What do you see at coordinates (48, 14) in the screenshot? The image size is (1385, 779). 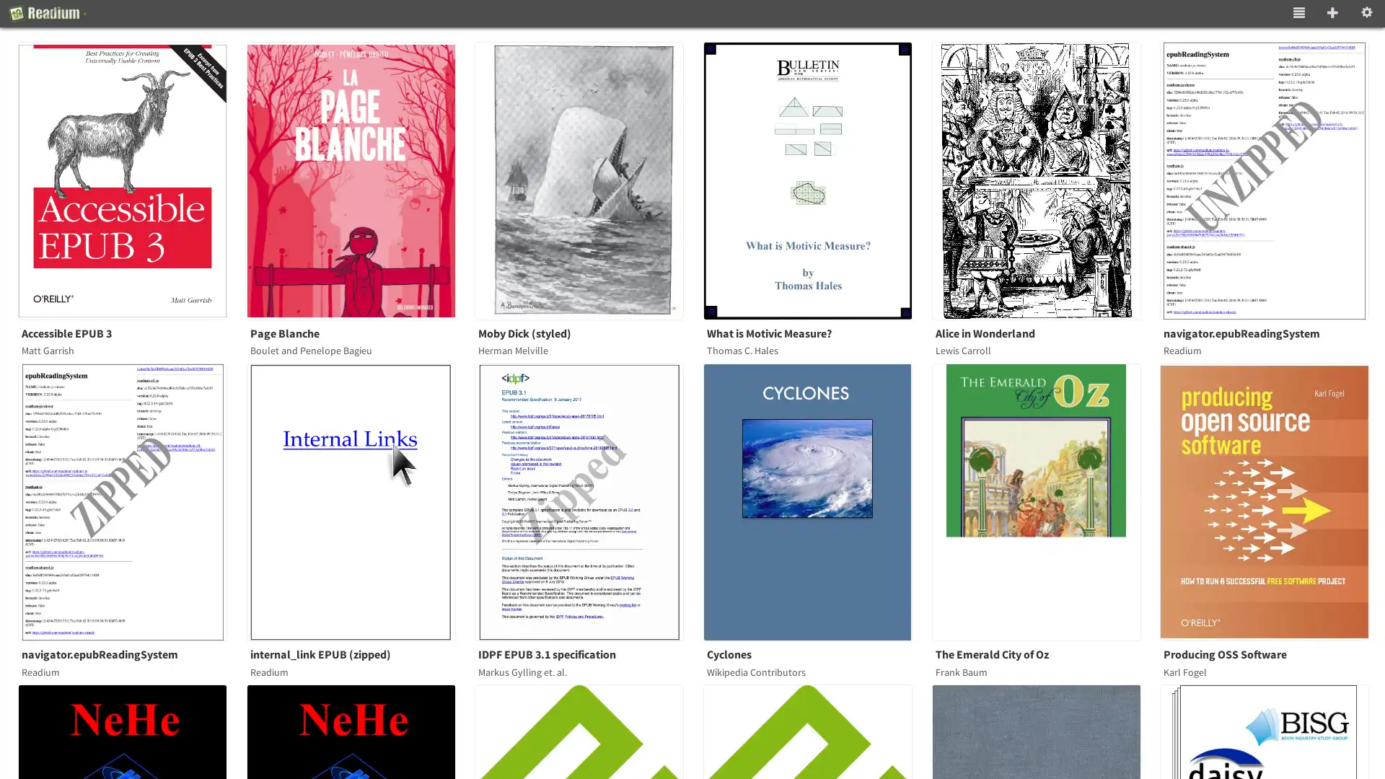 I see `About` at bounding box center [48, 14].